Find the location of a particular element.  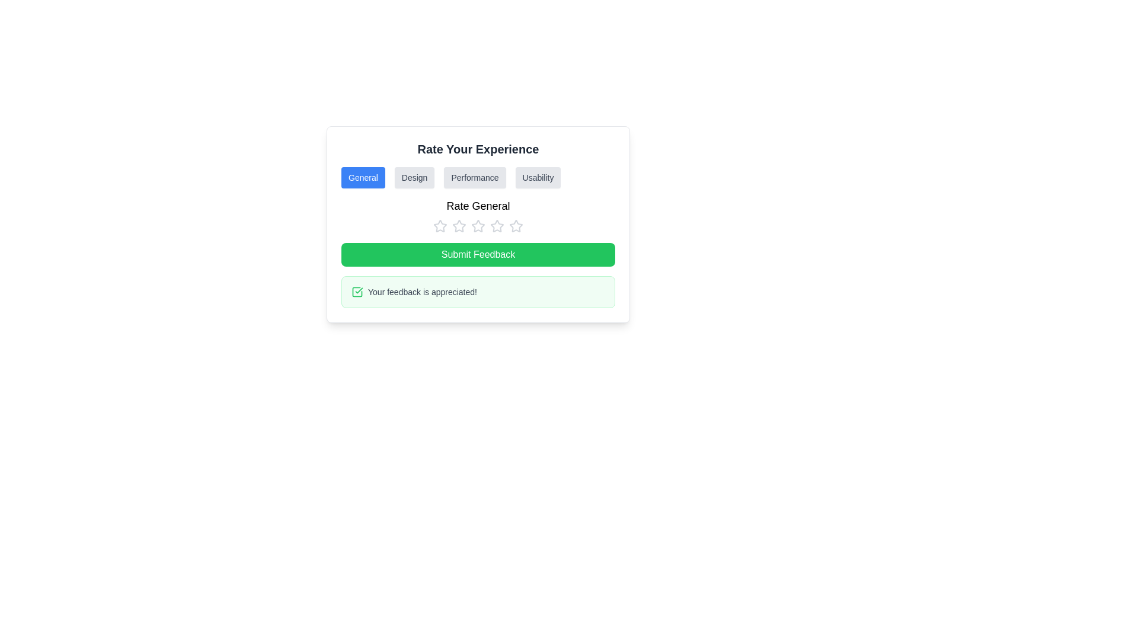

the first rating star icon located beneath the 'Rate General' text is located at coordinates (458, 226).